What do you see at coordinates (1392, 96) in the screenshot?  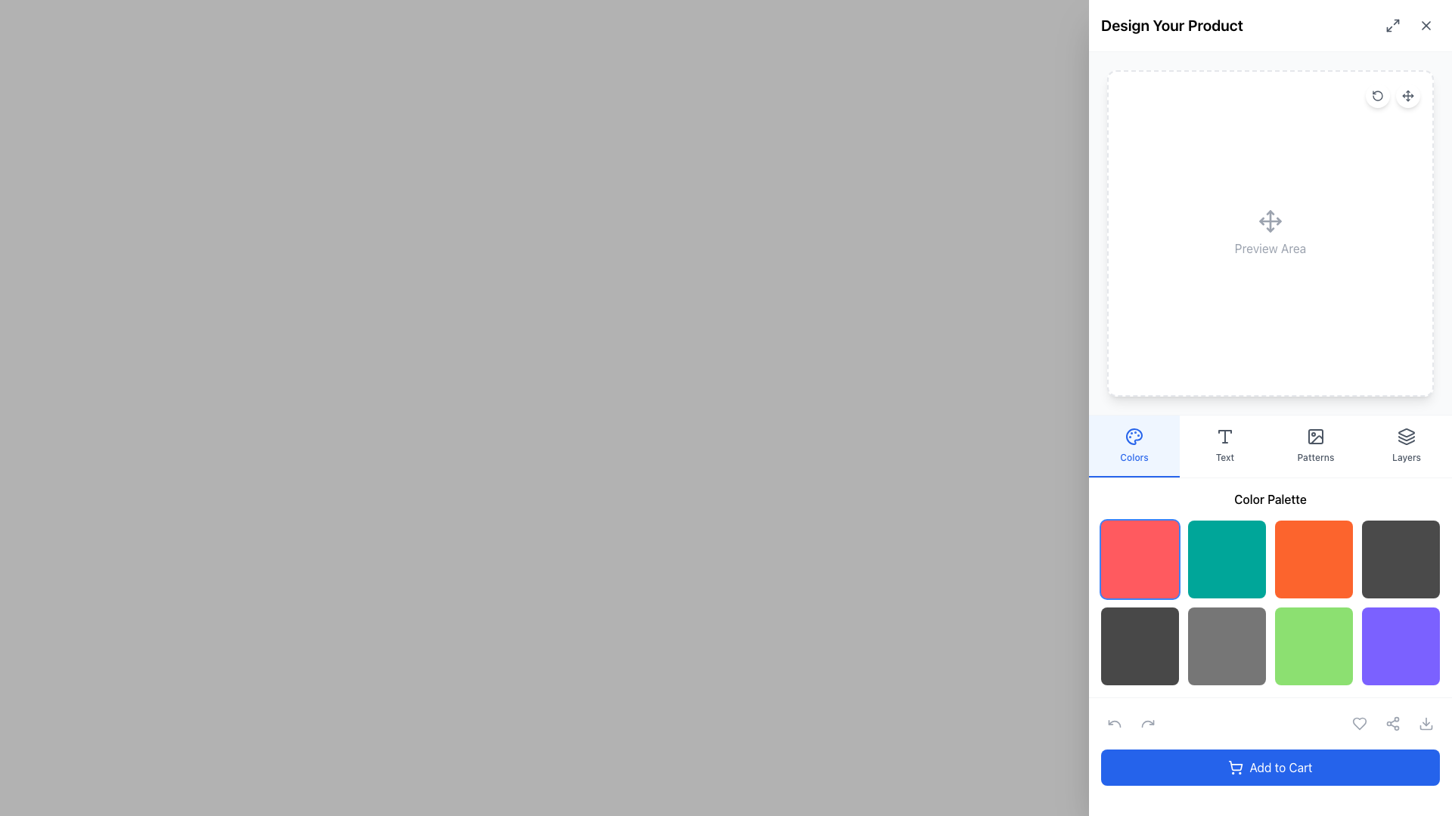 I see `the pair of circular icons` at bounding box center [1392, 96].